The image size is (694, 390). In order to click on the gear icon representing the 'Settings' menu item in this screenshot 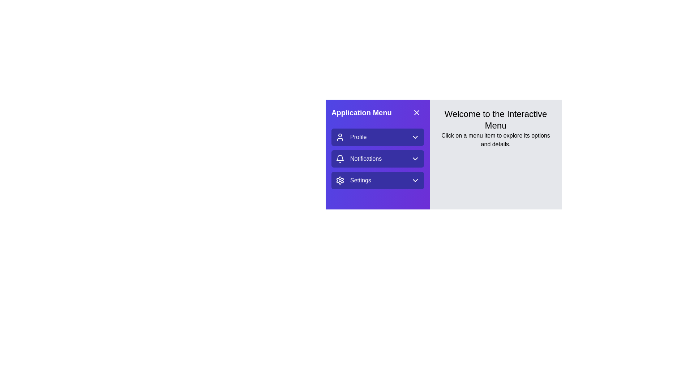, I will do `click(339, 180)`.